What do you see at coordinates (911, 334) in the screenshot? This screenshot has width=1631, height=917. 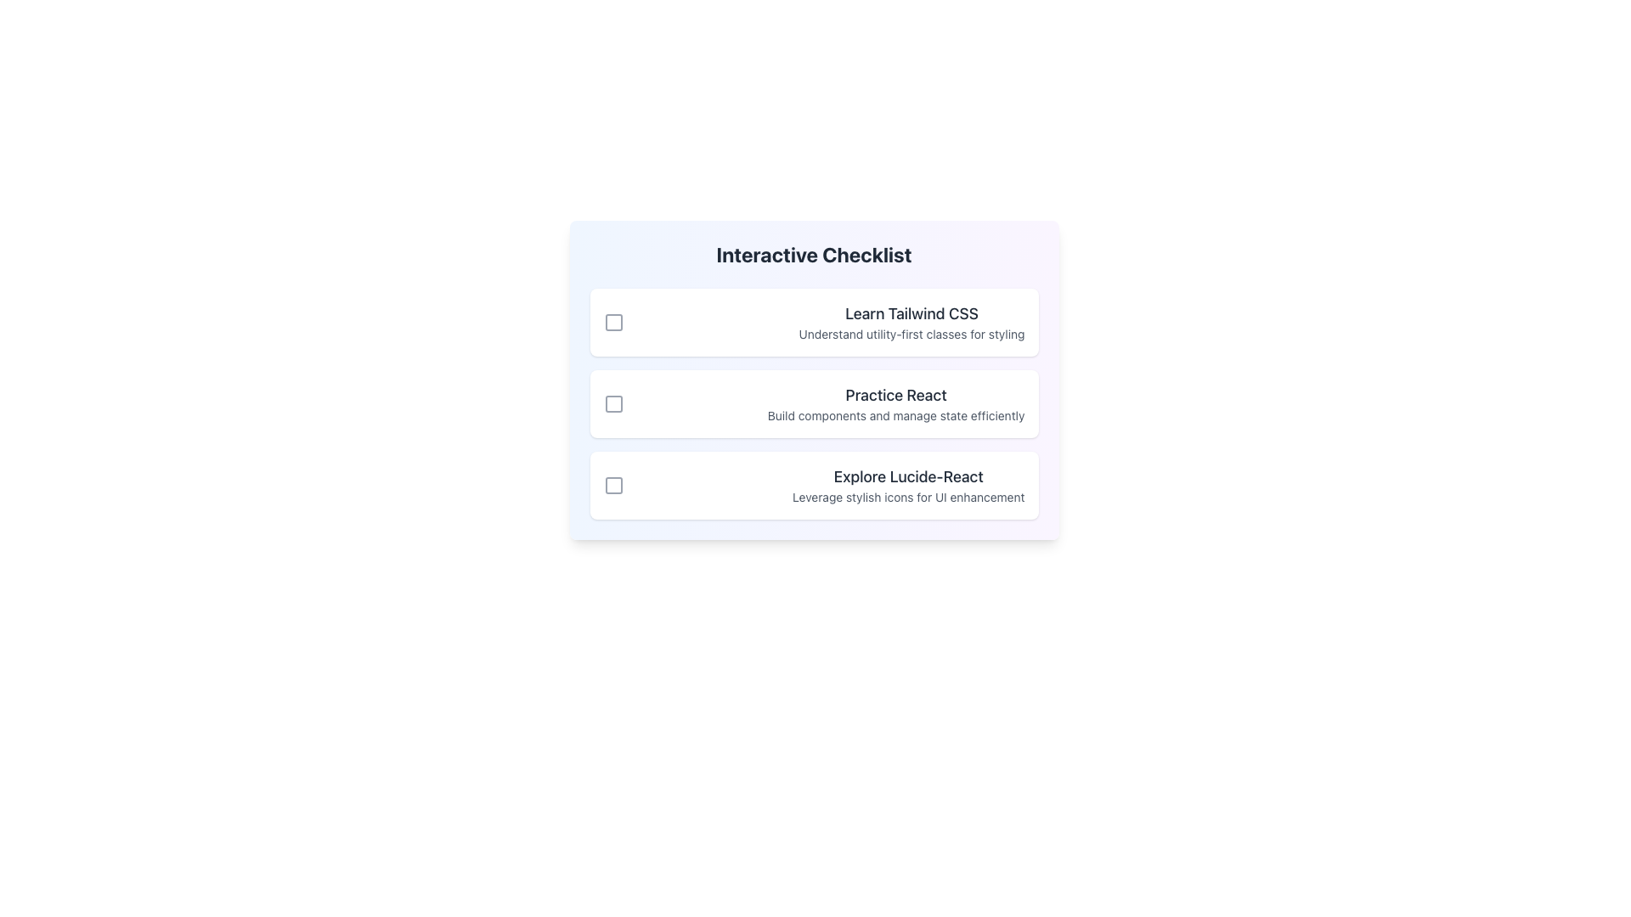 I see `the text label located immediately below the main title 'Learn Tailwind CSS', which provides additional context about the Tailwind CSS section` at bounding box center [911, 334].